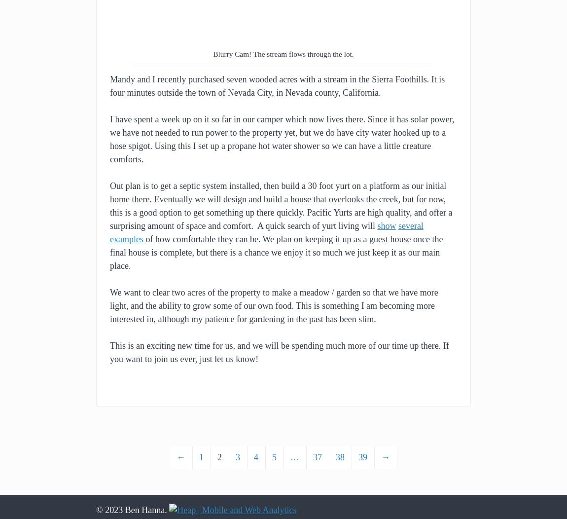  What do you see at coordinates (272, 457) in the screenshot?
I see `'5'` at bounding box center [272, 457].